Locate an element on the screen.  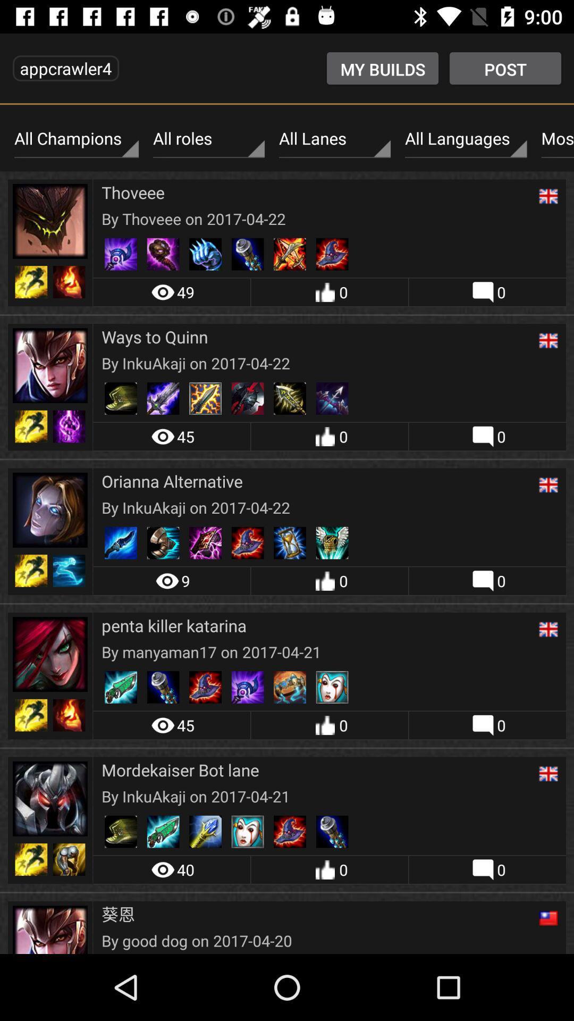
the icon next to the all champions icon is located at coordinates (209, 138).